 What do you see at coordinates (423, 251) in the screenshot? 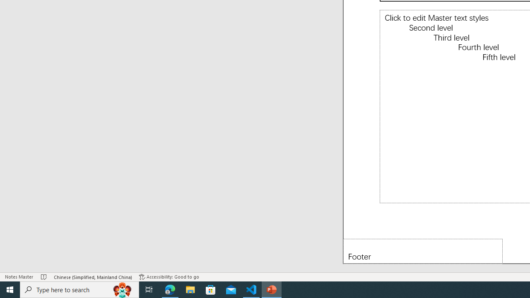
I see `'Footer'` at bounding box center [423, 251].